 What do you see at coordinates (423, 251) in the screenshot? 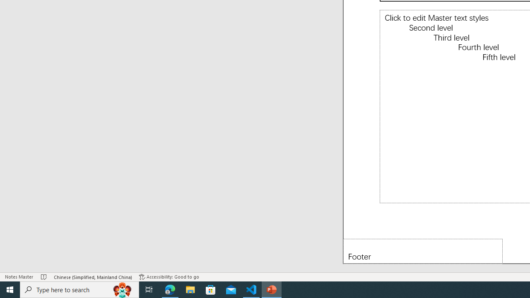
I see `'Footer'` at bounding box center [423, 251].